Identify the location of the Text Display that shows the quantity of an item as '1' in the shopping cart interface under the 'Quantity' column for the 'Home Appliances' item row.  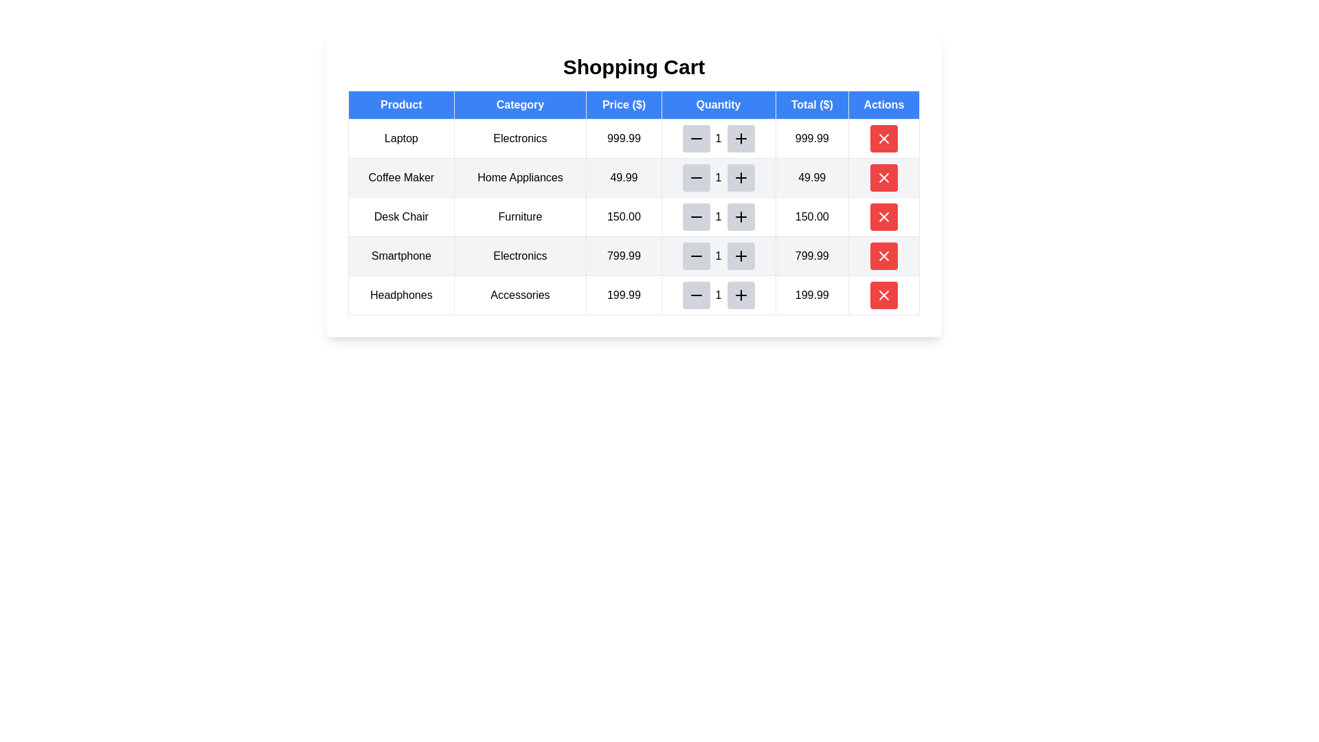
(718, 177).